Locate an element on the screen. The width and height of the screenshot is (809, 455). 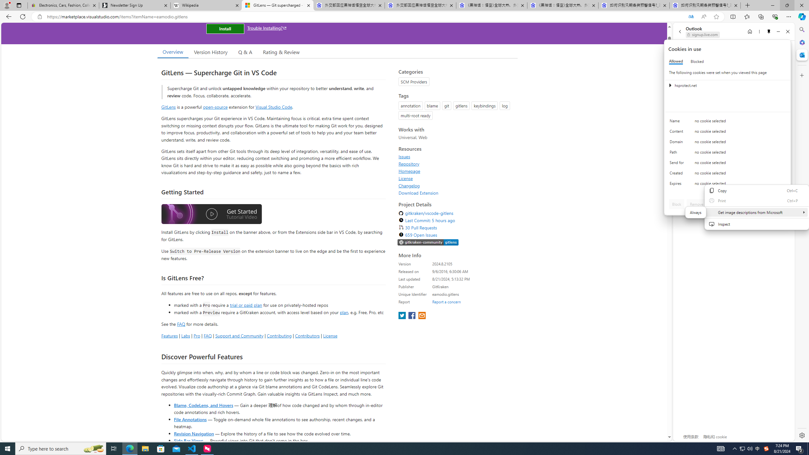
'Block' is located at coordinates (676, 204).